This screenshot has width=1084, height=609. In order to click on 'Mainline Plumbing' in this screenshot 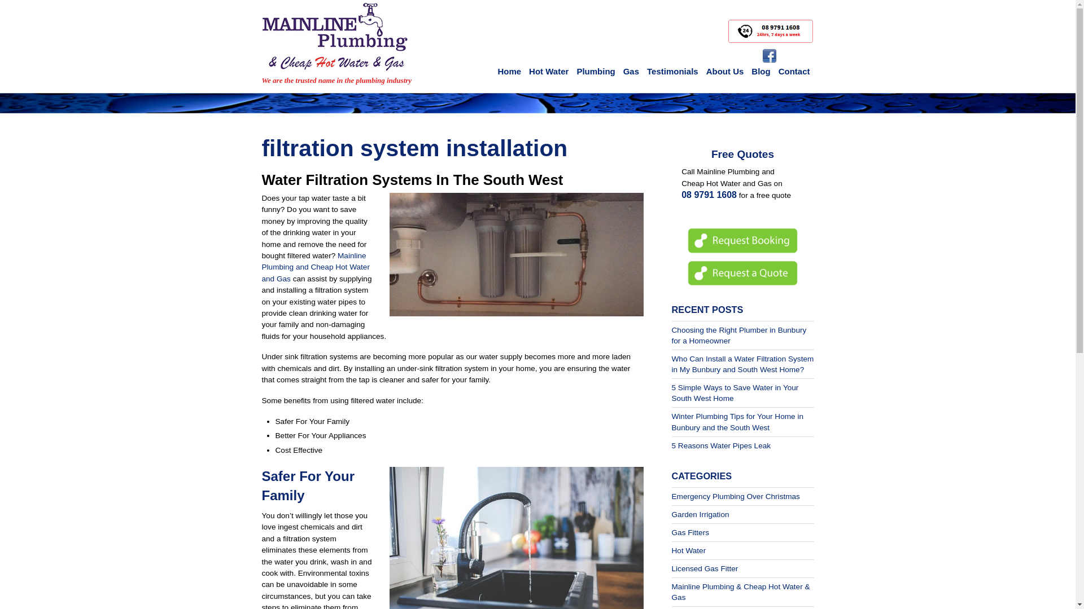, I will do `click(334, 36)`.